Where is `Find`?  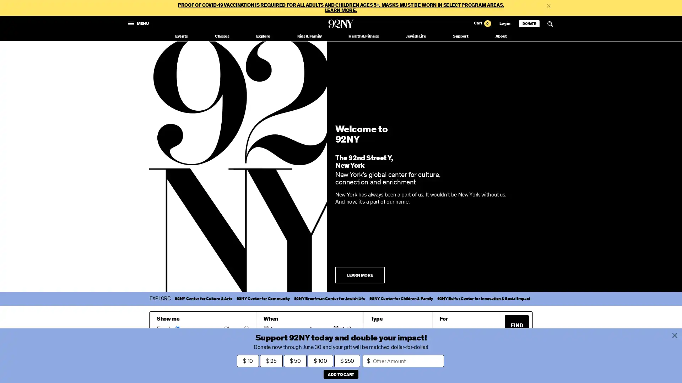
Find is located at coordinates (516, 325).